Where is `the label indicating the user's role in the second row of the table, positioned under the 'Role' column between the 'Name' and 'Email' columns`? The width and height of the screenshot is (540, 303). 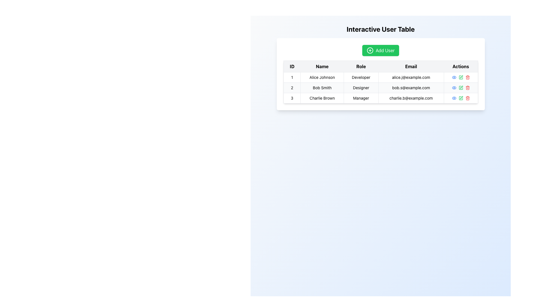 the label indicating the user's role in the second row of the table, positioned under the 'Role' column between the 'Name' and 'Email' columns is located at coordinates (361, 88).